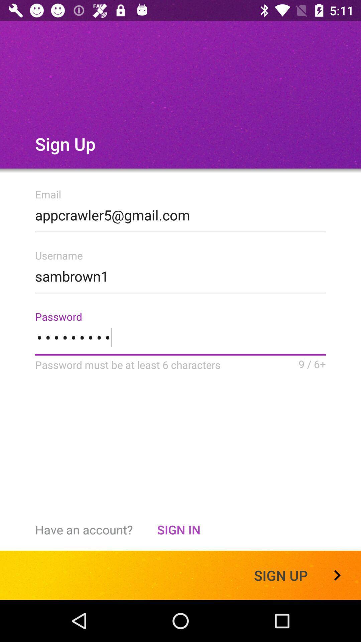  Describe the element at coordinates (180, 341) in the screenshot. I see `the icon below the sambrown1 icon` at that location.